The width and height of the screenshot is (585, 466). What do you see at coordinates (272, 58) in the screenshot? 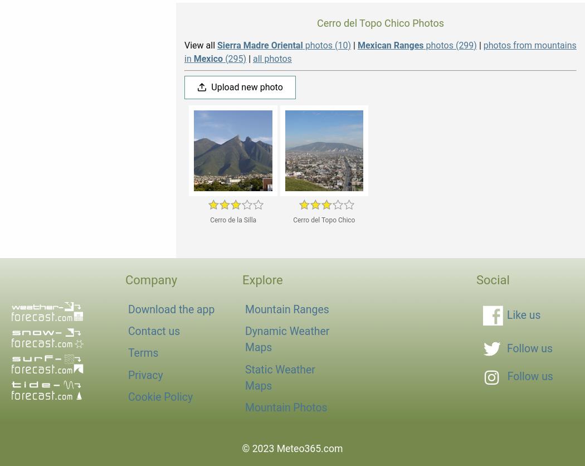
I see `'all photos'` at bounding box center [272, 58].